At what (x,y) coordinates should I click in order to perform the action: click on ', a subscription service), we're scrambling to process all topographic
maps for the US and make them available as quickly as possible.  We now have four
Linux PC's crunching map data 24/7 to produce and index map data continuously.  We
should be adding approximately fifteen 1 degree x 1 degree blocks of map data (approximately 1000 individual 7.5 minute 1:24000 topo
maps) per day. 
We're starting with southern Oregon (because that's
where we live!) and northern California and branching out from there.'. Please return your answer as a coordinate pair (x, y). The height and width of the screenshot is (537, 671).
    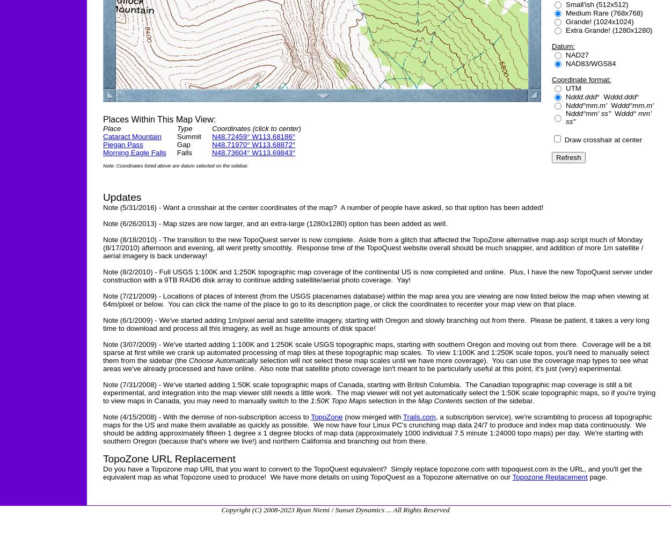
    Looking at the image, I should click on (377, 429).